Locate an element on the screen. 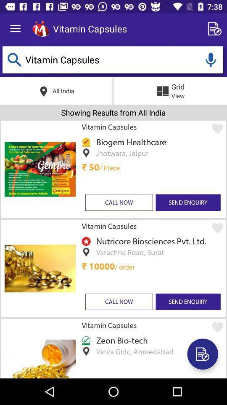  voice to text button is located at coordinates (210, 59).